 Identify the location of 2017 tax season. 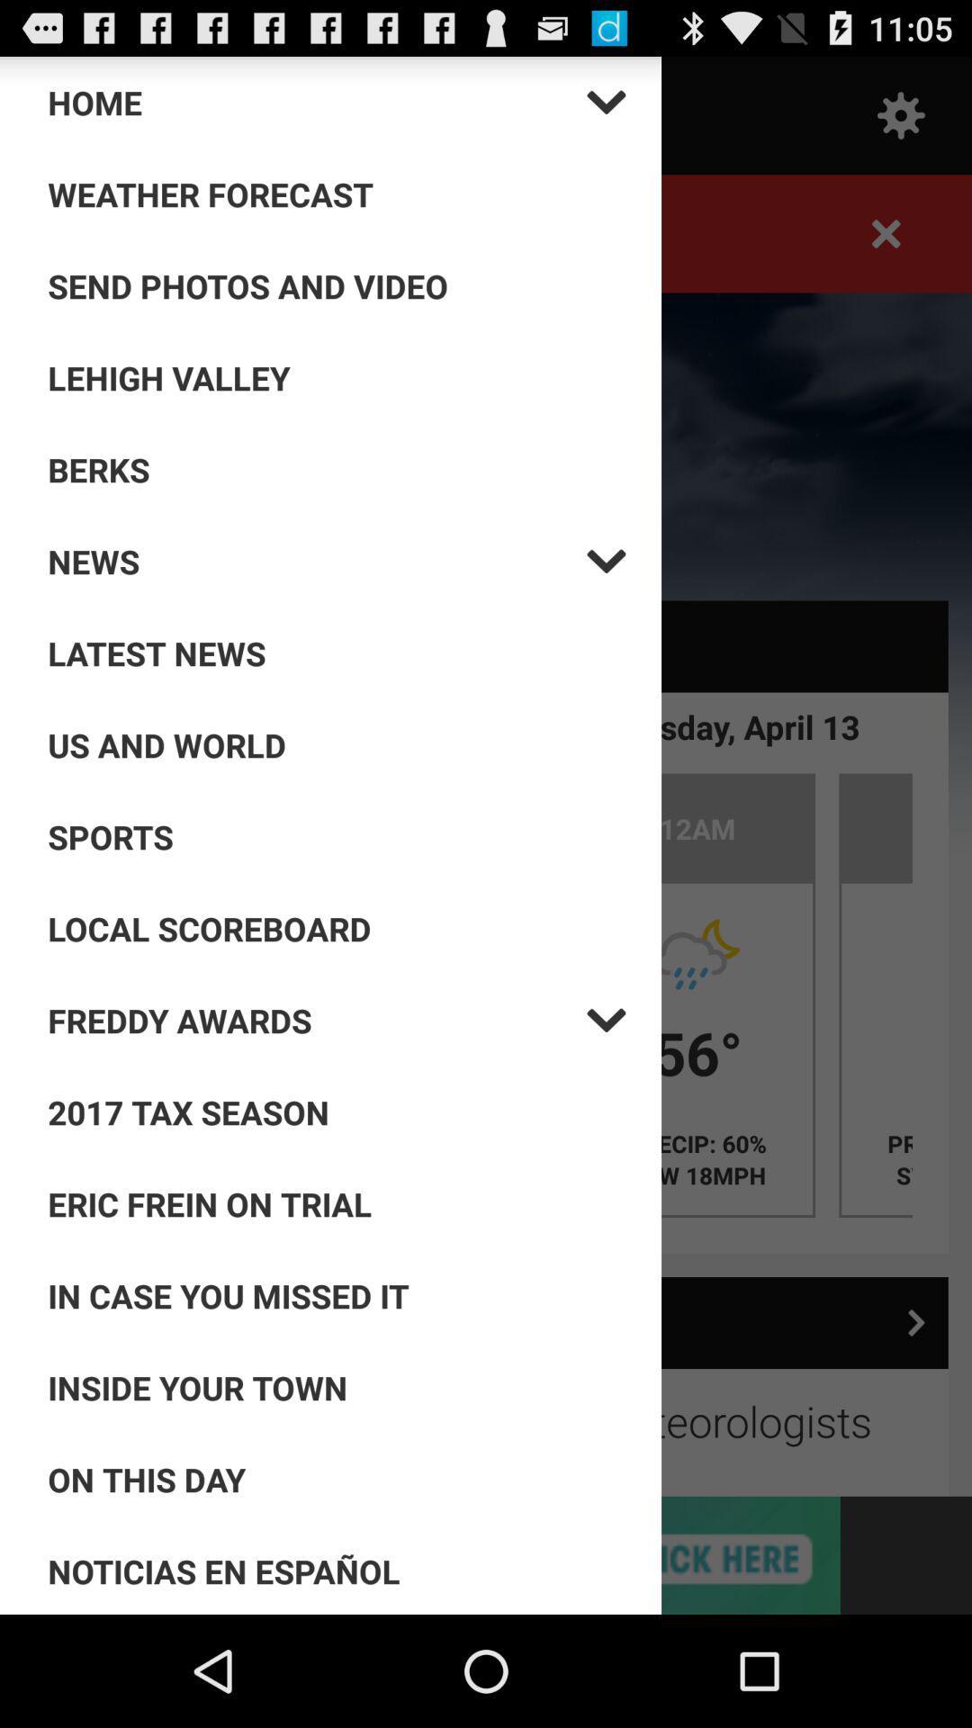
(337, 1111).